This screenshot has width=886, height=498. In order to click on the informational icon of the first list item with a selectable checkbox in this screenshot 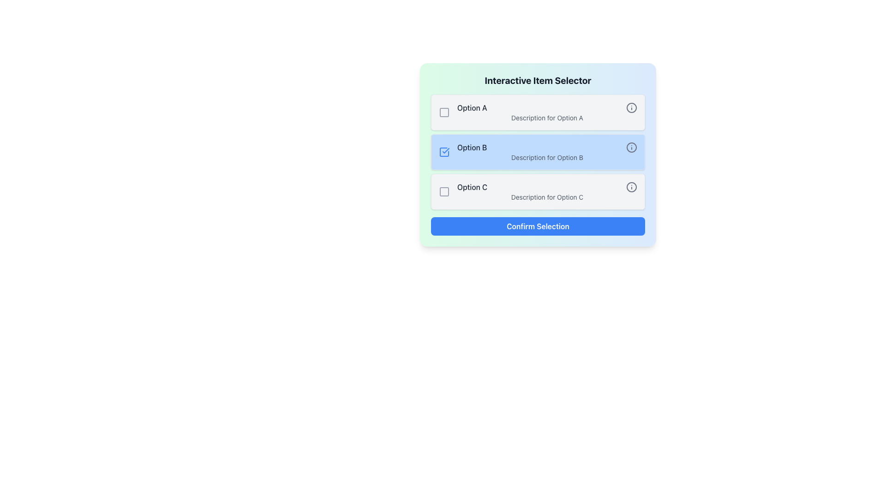, I will do `click(538, 112)`.